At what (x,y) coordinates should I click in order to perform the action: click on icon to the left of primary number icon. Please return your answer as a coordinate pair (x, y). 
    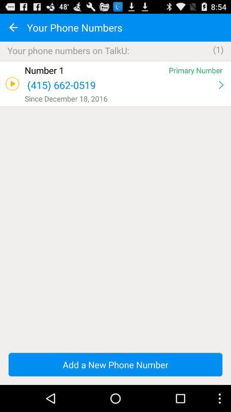
    Looking at the image, I should click on (95, 70).